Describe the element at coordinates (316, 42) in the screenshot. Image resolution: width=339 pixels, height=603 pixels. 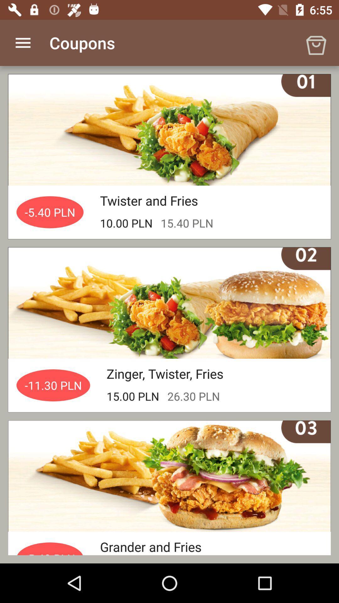
I see `the icon to the right of the coupons icon` at that location.